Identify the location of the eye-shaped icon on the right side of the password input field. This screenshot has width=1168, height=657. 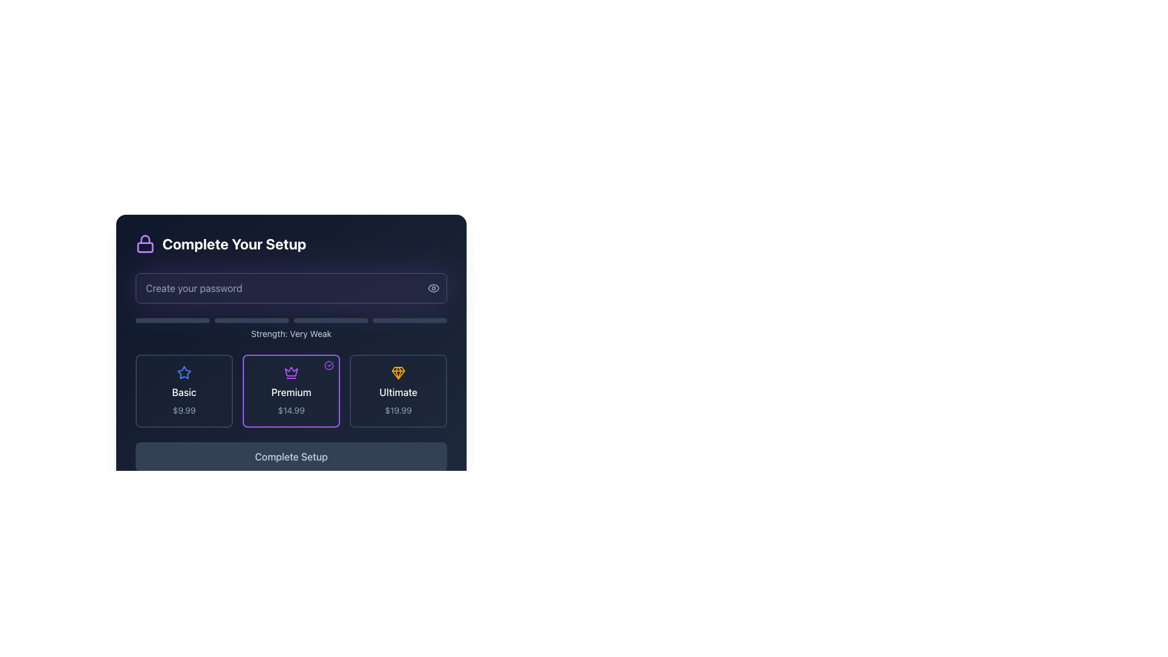
(434, 288).